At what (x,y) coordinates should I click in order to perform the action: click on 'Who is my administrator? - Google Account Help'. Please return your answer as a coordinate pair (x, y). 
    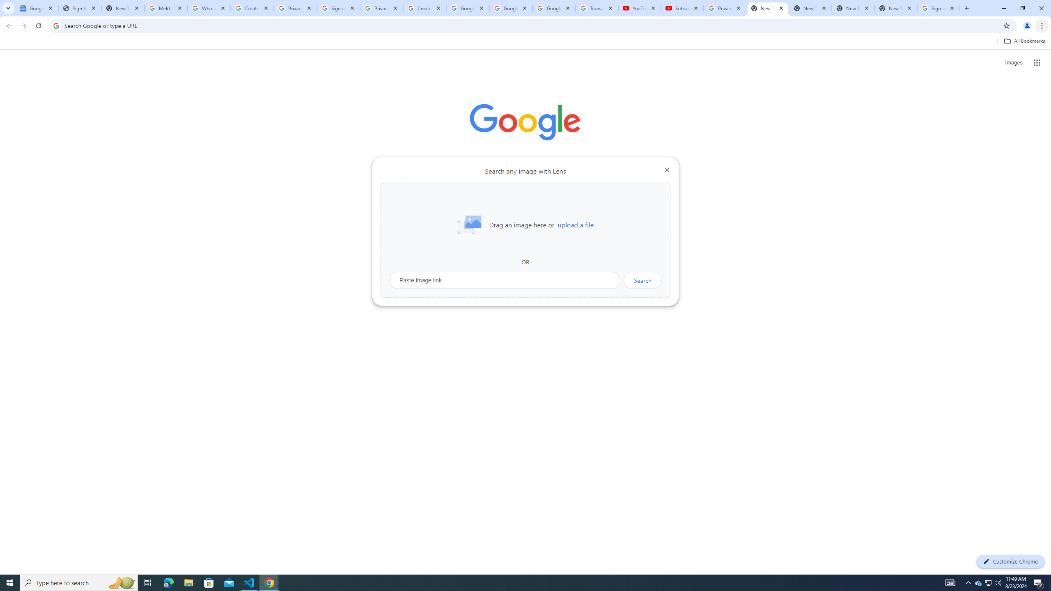
    Looking at the image, I should click on (209, 8).